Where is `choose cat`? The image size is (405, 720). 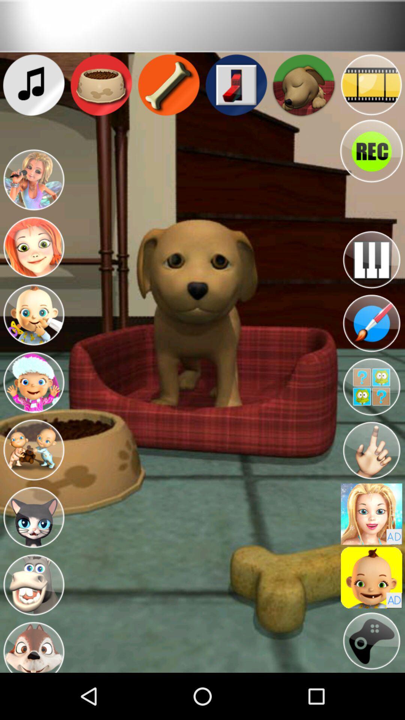
choose cat is located at coordinates (33, 517).